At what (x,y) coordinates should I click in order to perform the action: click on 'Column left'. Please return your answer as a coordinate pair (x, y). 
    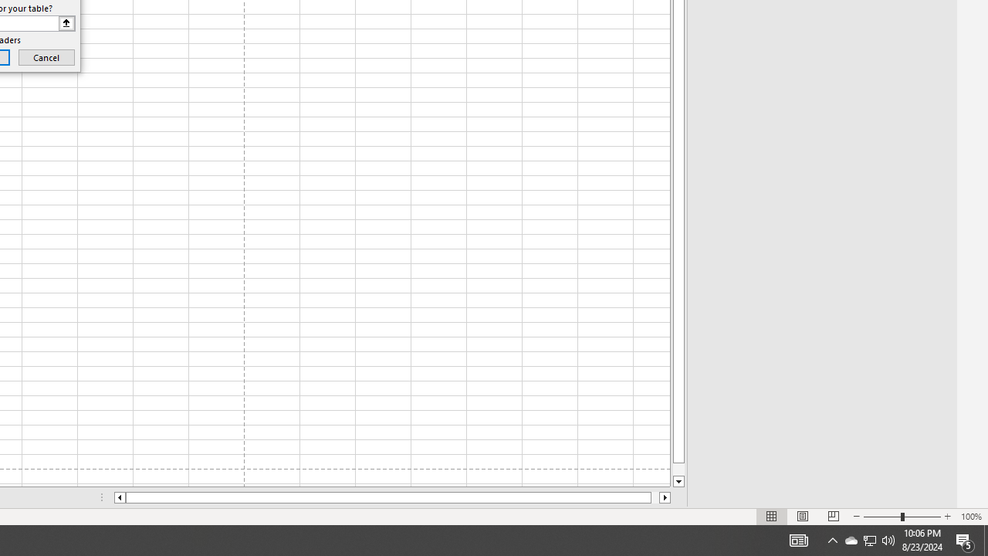
    Looking at the image, I should click on (118, 497).